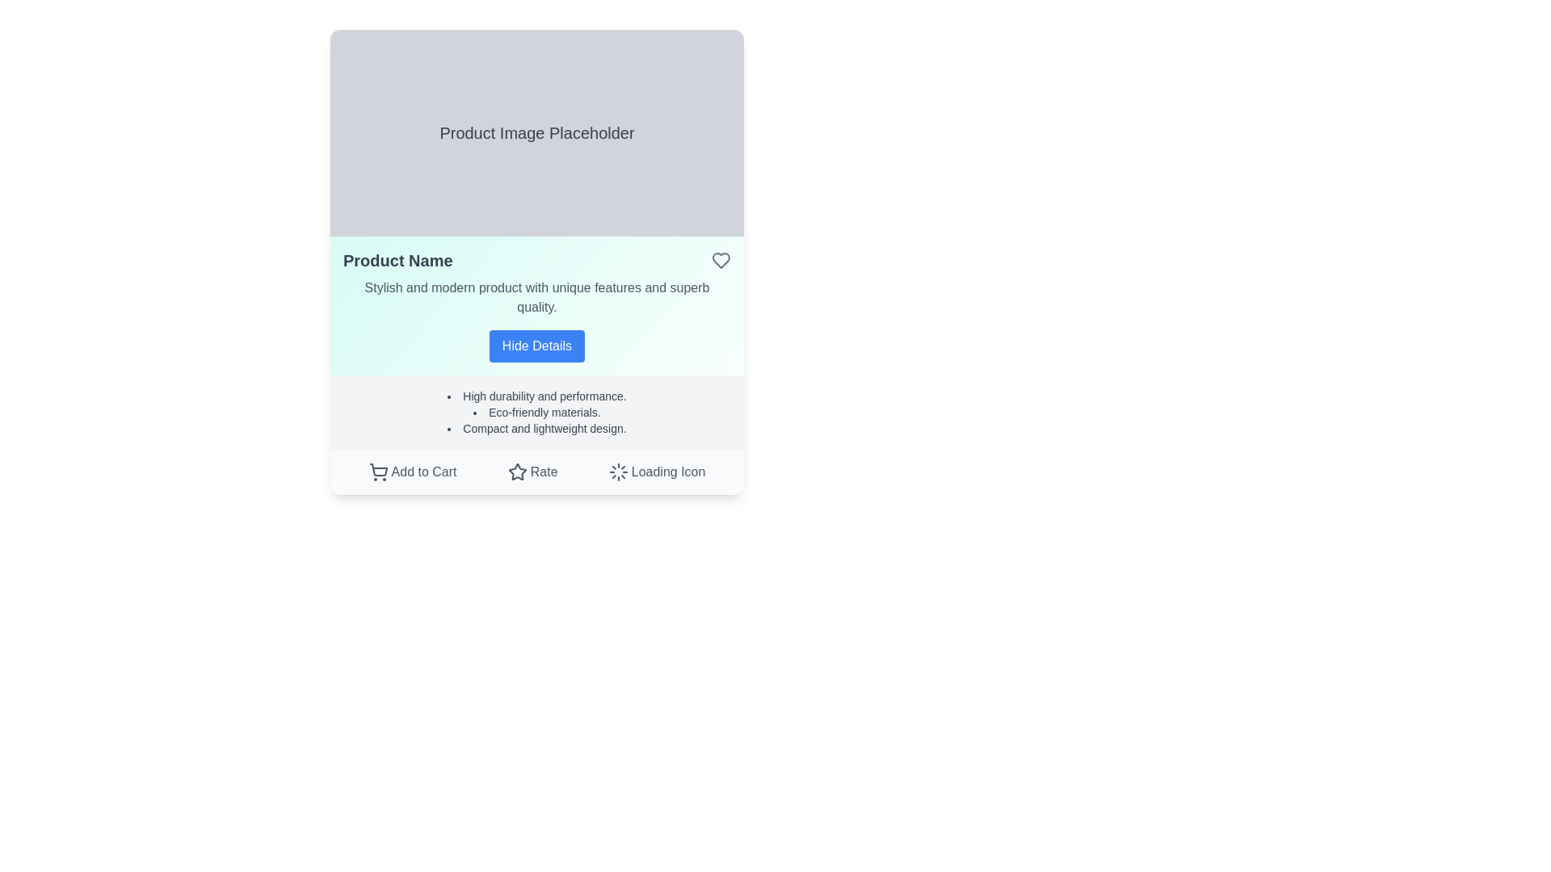  Describe the element at coordinates (537, 411) in the screenshot. I see `the List Component that displays key features or highlights of a product, located directly below the 'Hide Details' button and above the 'Add to Cart' and 'Rate' buttons` at that location.